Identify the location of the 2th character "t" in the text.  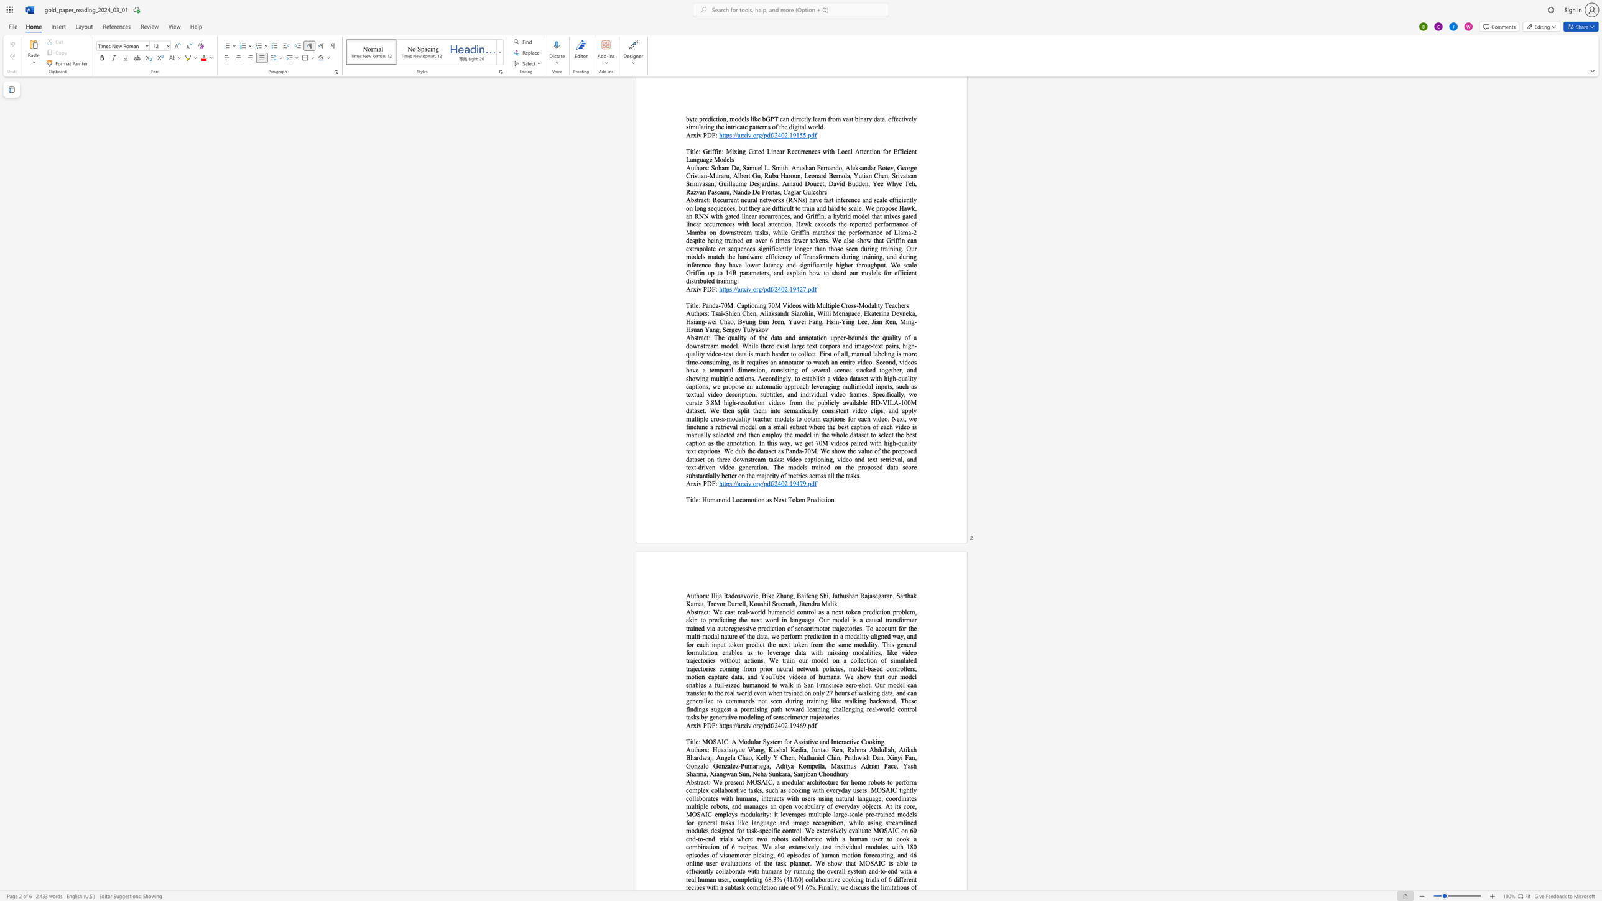
(707, 782).